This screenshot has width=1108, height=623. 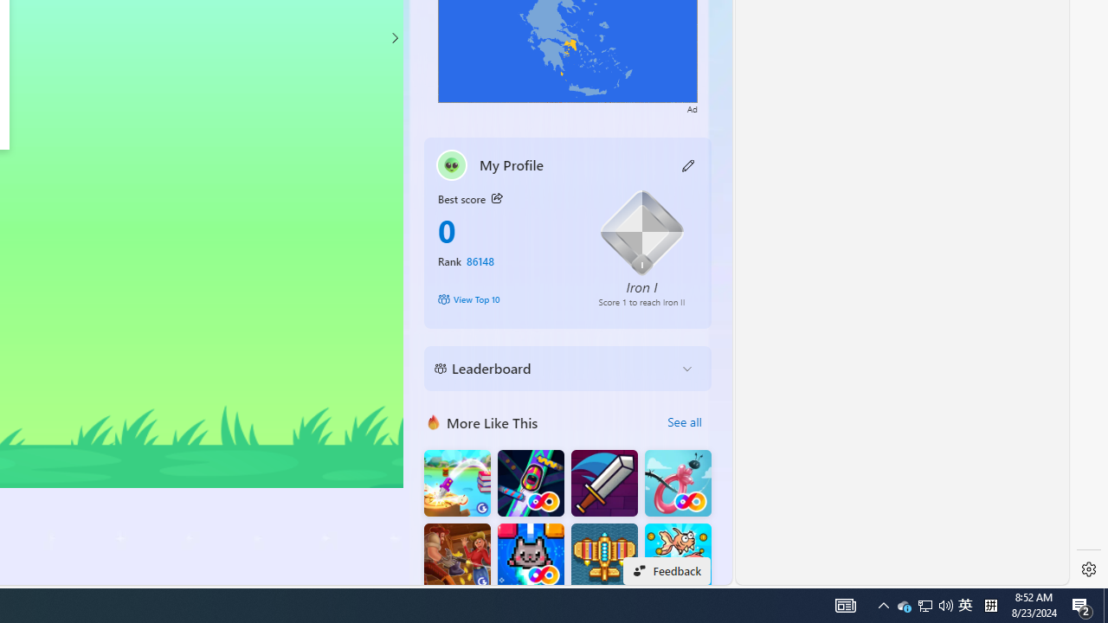 I want to click on 'Class: control', so click(x=393, y=37).